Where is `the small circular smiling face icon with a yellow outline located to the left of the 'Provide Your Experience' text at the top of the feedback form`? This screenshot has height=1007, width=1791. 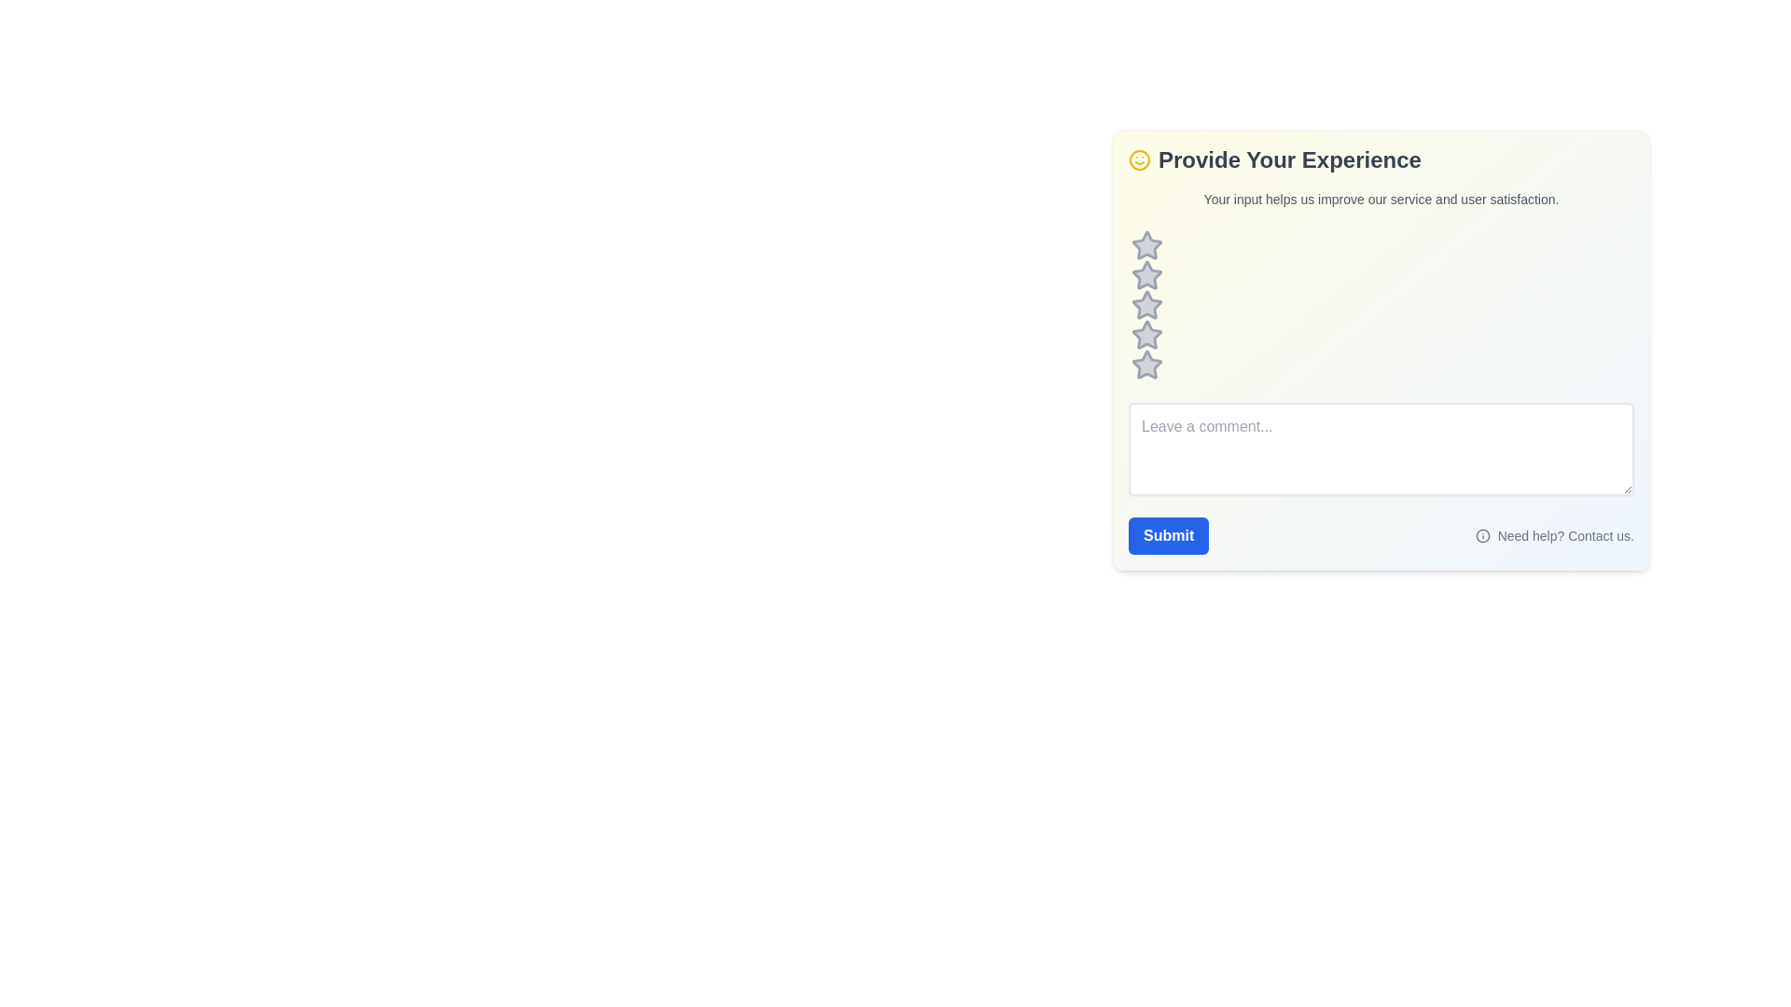
the small circular smiling face icon with a yellow outline located to the left of the 'Provide Your Experience' text at the top of the feedback form is located at coordinates (1139, 159).